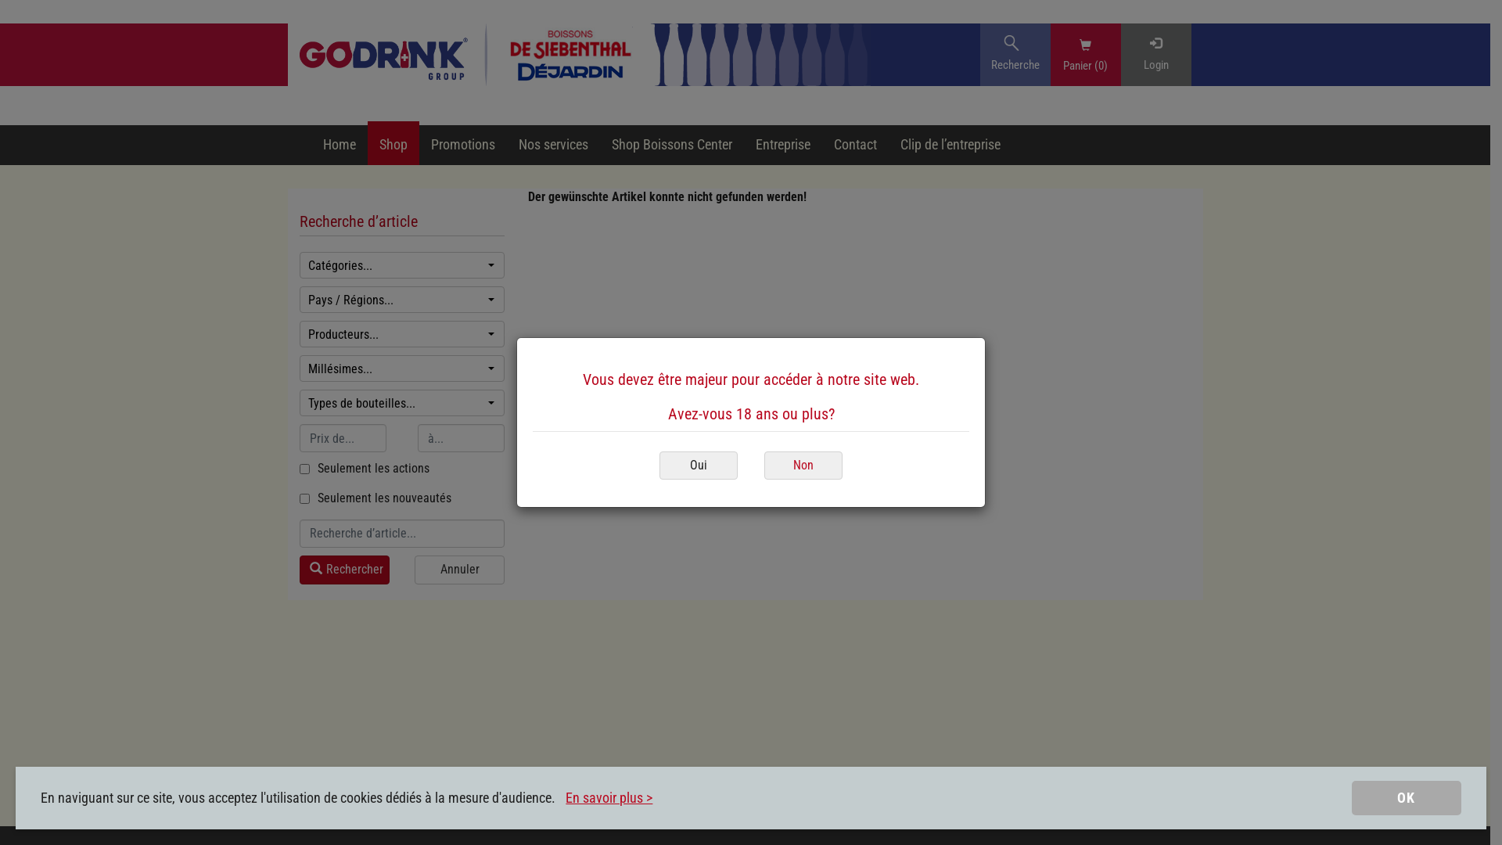 The width and height of the screenshot is (1502, 845). Describe the element at coordinates (697, 465) in the screenshot. I see `'Oui'` at that location.